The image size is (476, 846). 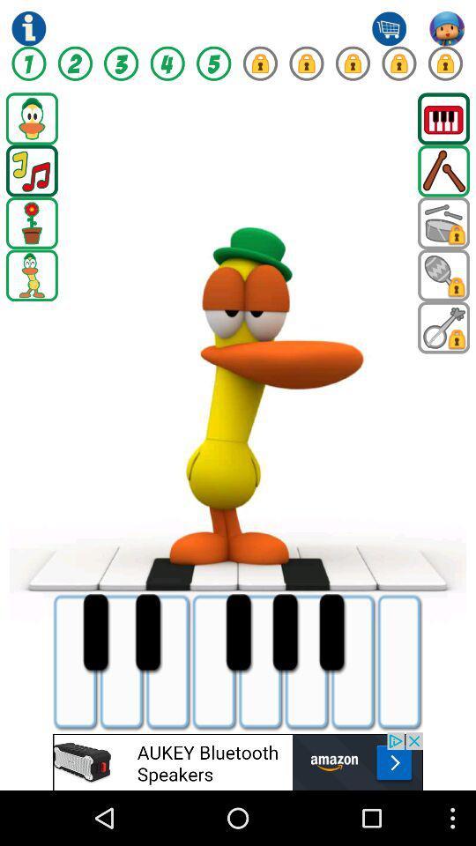 What do you see at coordinates (443, 117) in the screenshot?
I see `piano` at bounding box center [443, 117].